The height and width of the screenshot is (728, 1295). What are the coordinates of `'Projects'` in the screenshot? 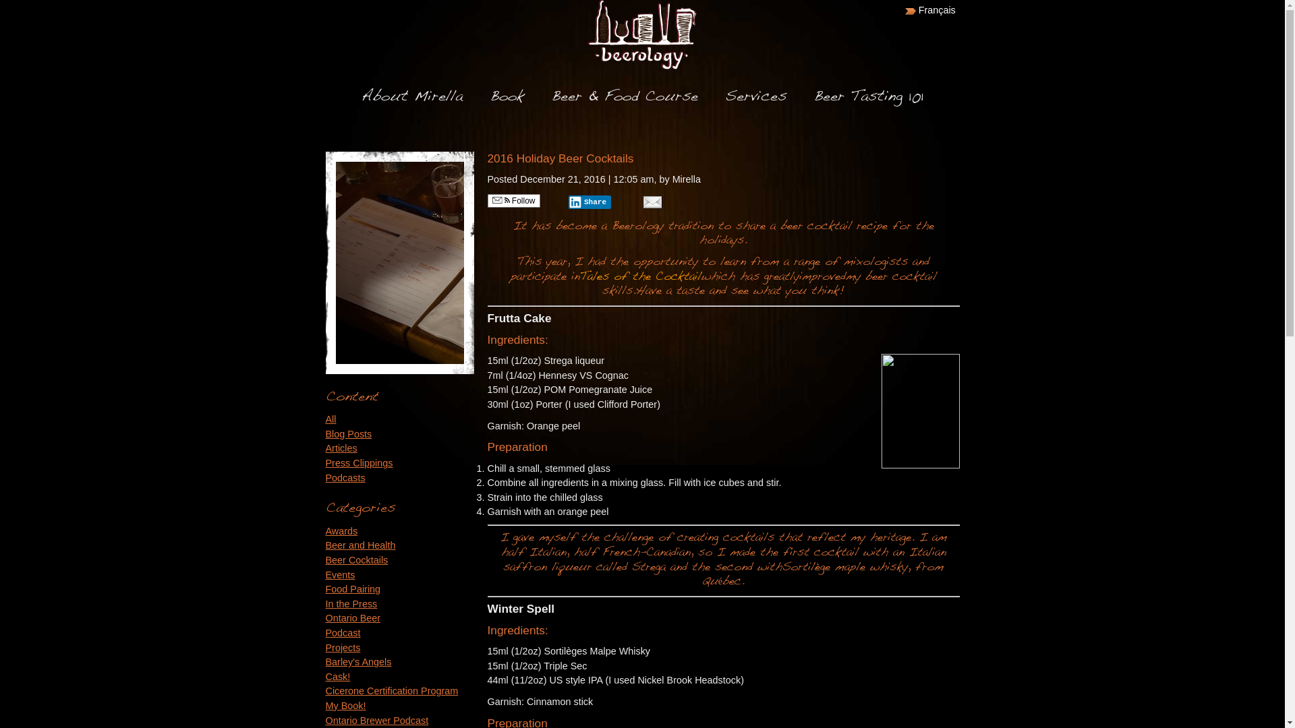 It's located at (343, 646).